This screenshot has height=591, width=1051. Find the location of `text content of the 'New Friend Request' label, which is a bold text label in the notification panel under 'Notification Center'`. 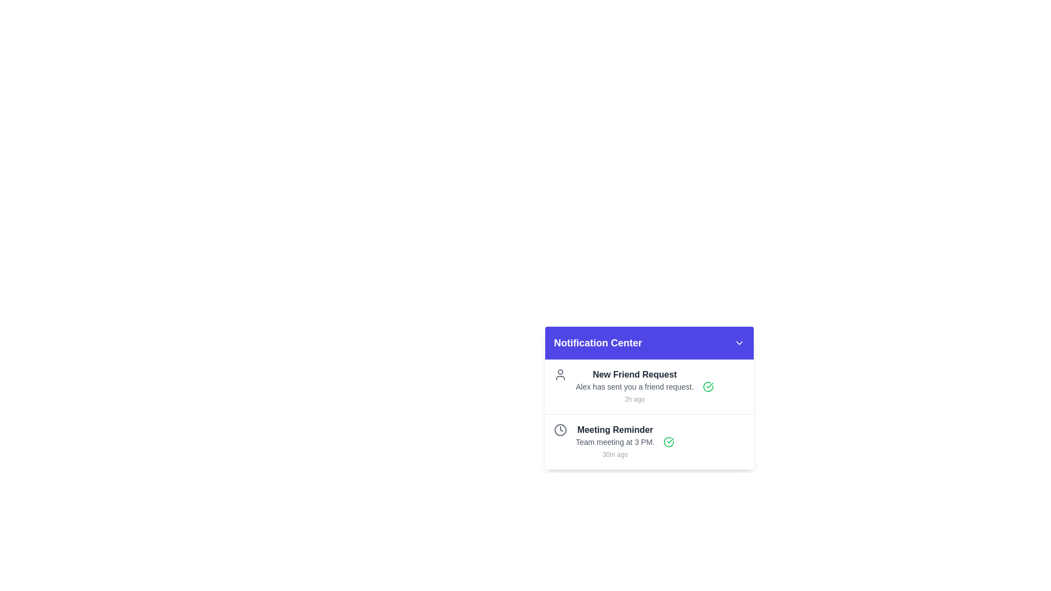

text content of the 'New Friend Request' label, which is a bold text label in the notification panel under 'Notification Center' is located at coordinates (634, 374).